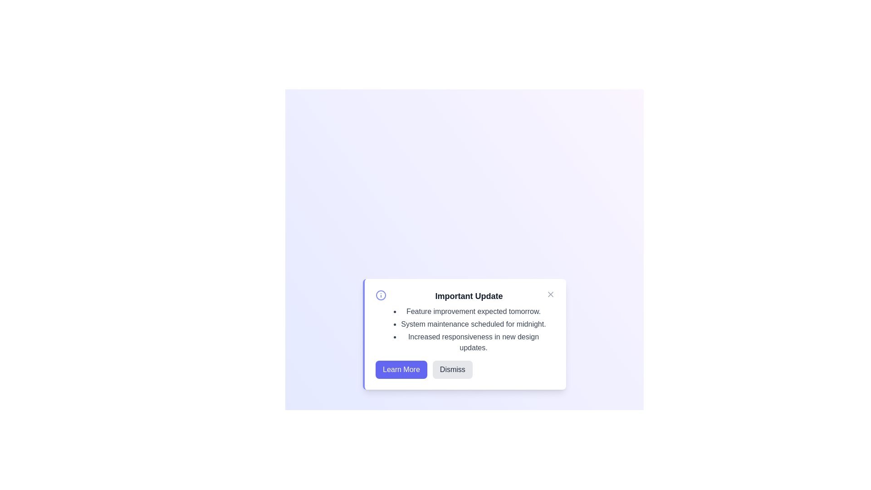  Describe the element at coordinates (400, 369) in the screenshot. I see `the 'Learn More' button to view details about the alert` at that location.